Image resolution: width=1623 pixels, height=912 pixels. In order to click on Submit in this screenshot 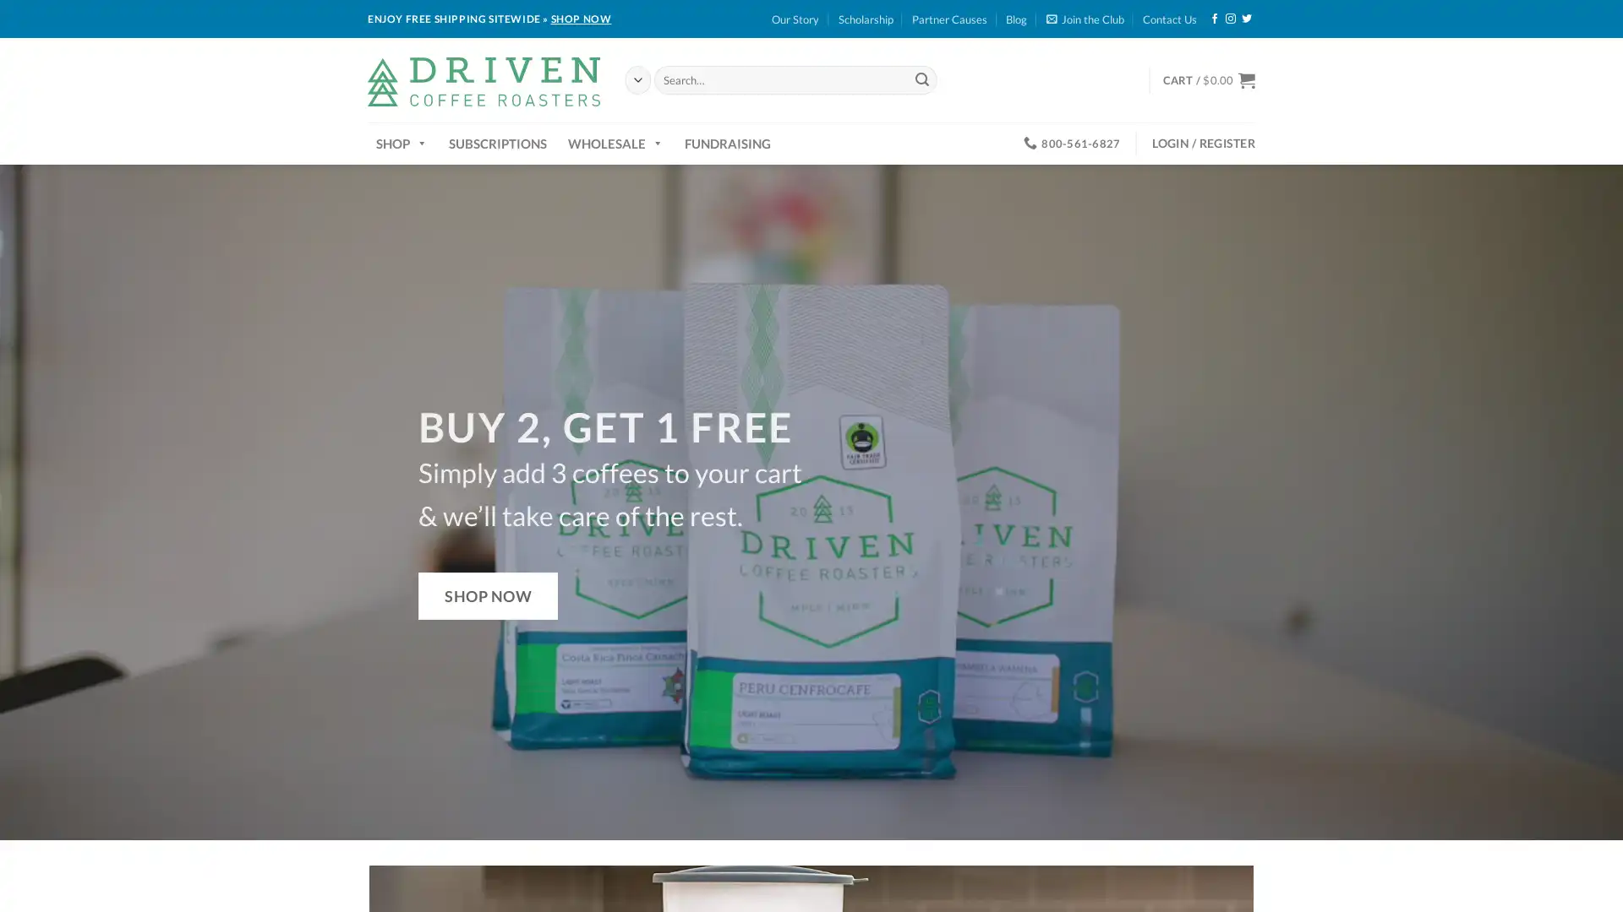, I will do `click(921, 79)`.